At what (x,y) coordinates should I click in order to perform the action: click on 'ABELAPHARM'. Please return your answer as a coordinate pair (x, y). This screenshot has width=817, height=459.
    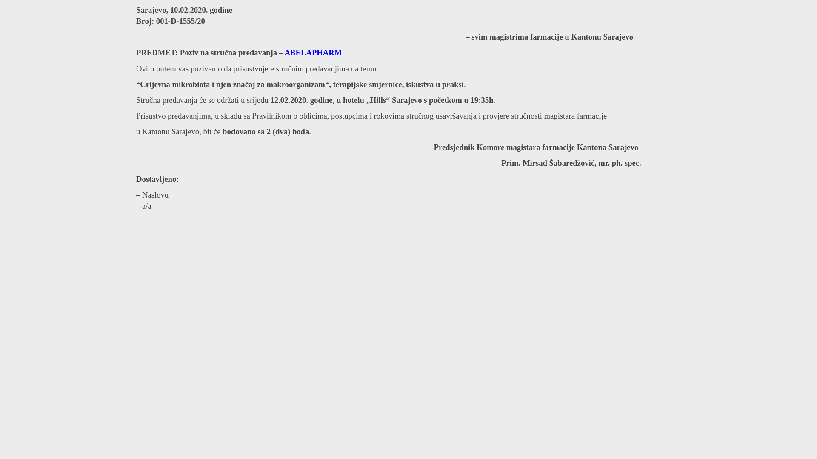
    Looking at the image, I should click on (313, 52).